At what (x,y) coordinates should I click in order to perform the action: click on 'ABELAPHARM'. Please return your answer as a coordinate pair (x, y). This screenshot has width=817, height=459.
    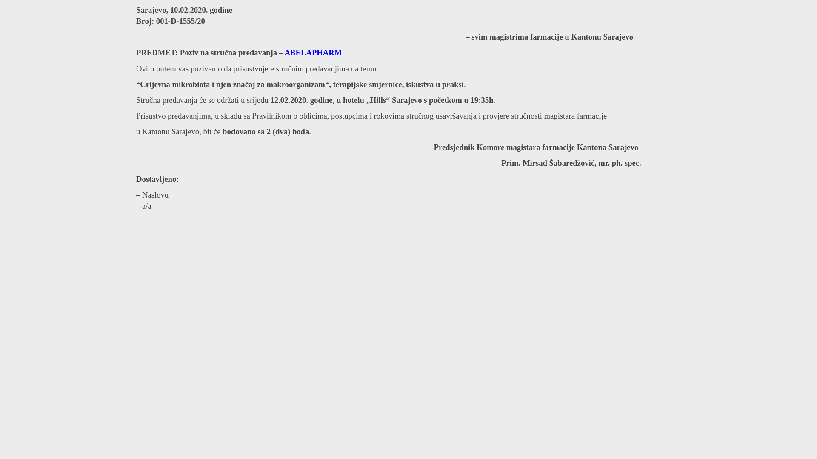
    Looking at the image, I should click on (313, 52).